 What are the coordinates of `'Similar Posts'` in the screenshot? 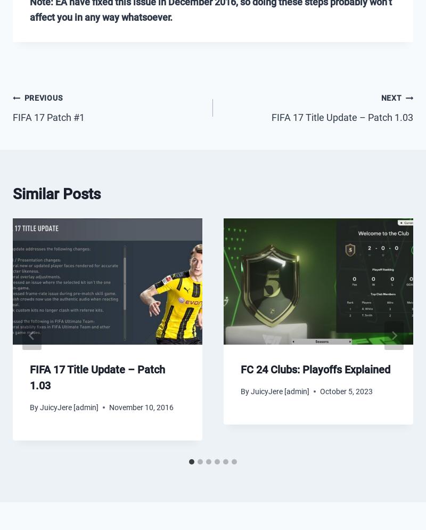 It's located at (56, 193).